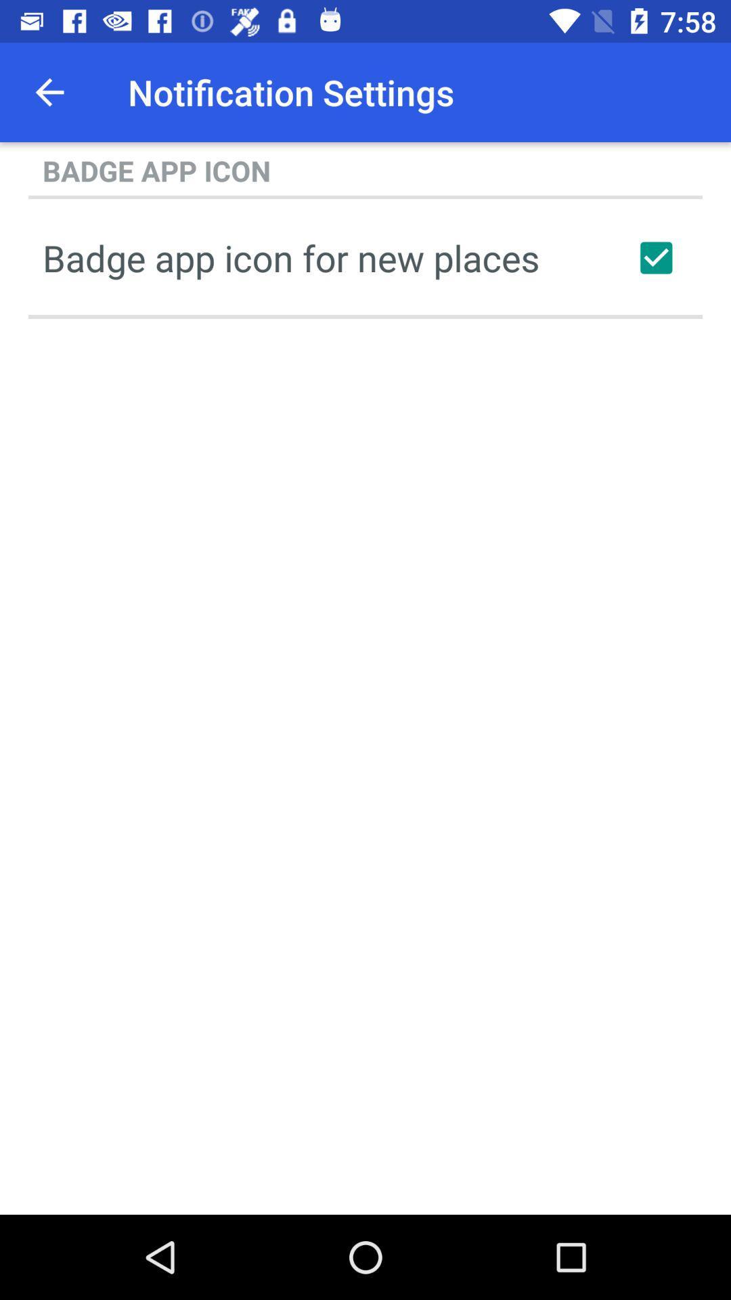 This screenshot has width=731, height=1300. I want to click on the icon to the right of the badge app icon item, so click(655, 257).